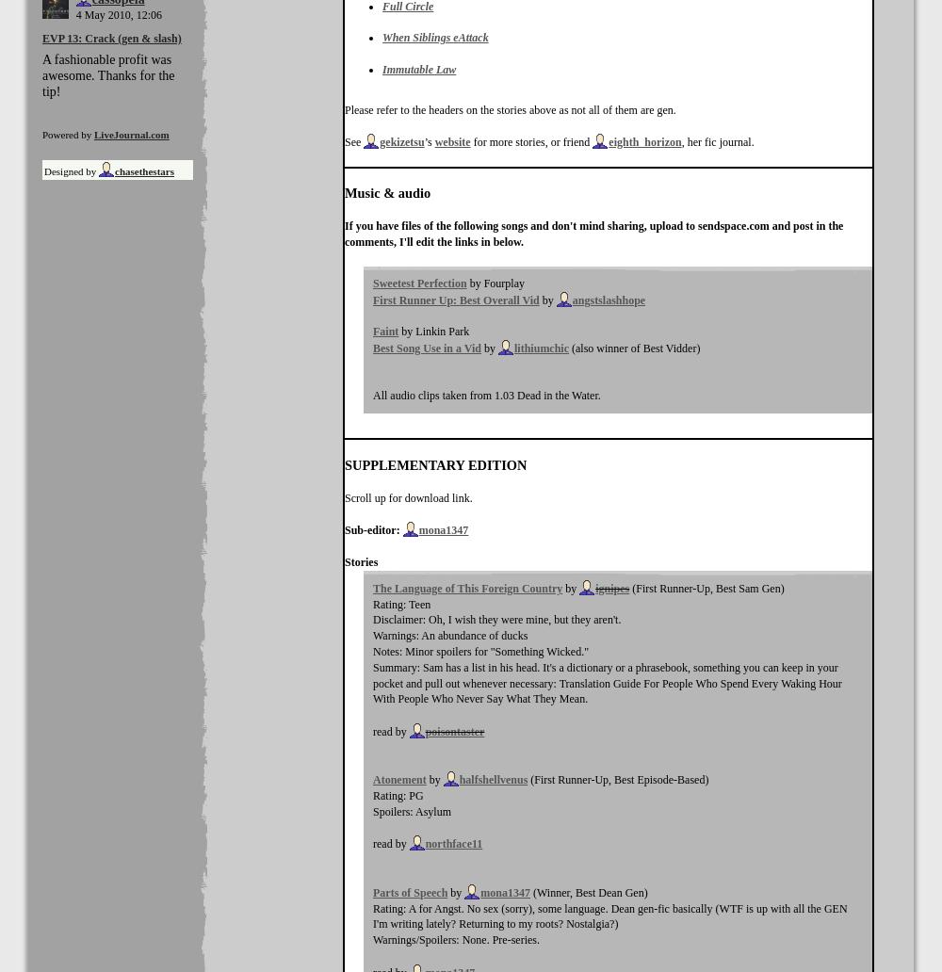 This screenshot has width=942, height=972. I want to click on 'When Siblings eAttack', so click(434, 38).